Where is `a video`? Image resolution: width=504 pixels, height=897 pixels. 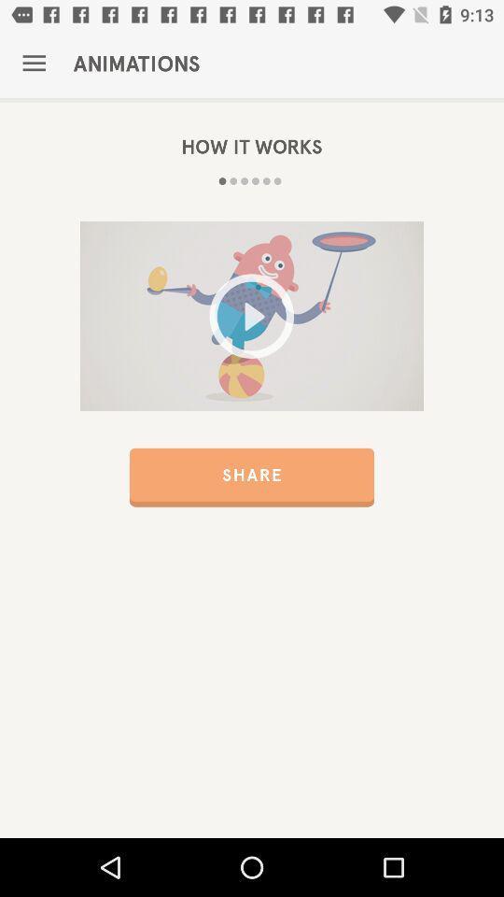
a video is located at coordinates (252, 316).